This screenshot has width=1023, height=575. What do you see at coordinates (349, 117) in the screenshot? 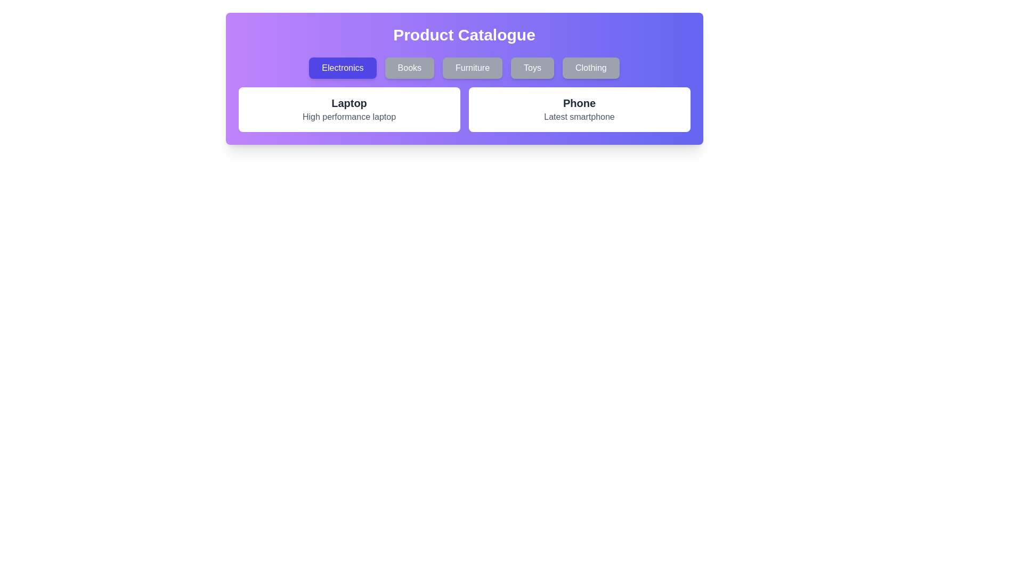
I see `the text 'High performance laptop' to select it` at bounding box center [349, 117].